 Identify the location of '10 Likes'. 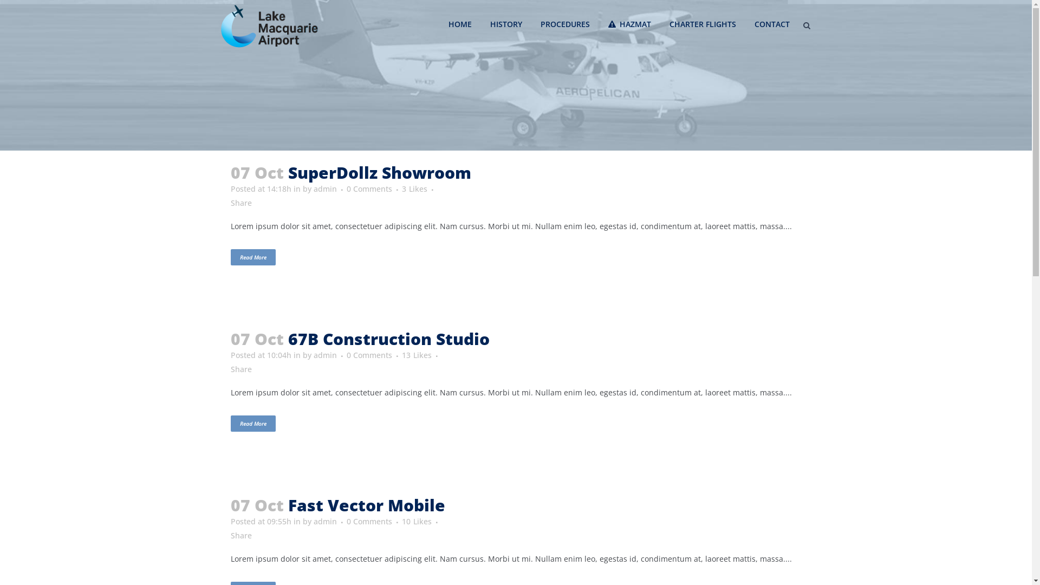
(401, 521).